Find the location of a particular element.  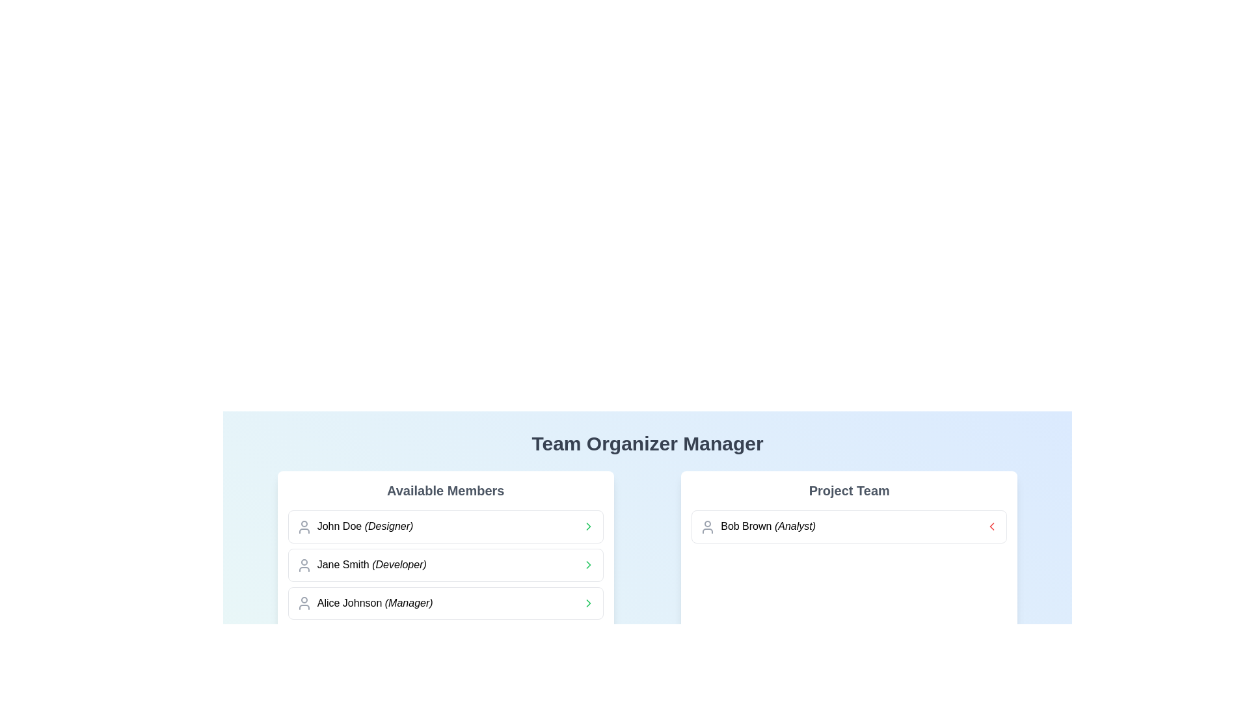

the text label displaying 'Alice Johnson (Manager)' in the third row of the 'Available Members' panel is located at coordinates (349, 602).